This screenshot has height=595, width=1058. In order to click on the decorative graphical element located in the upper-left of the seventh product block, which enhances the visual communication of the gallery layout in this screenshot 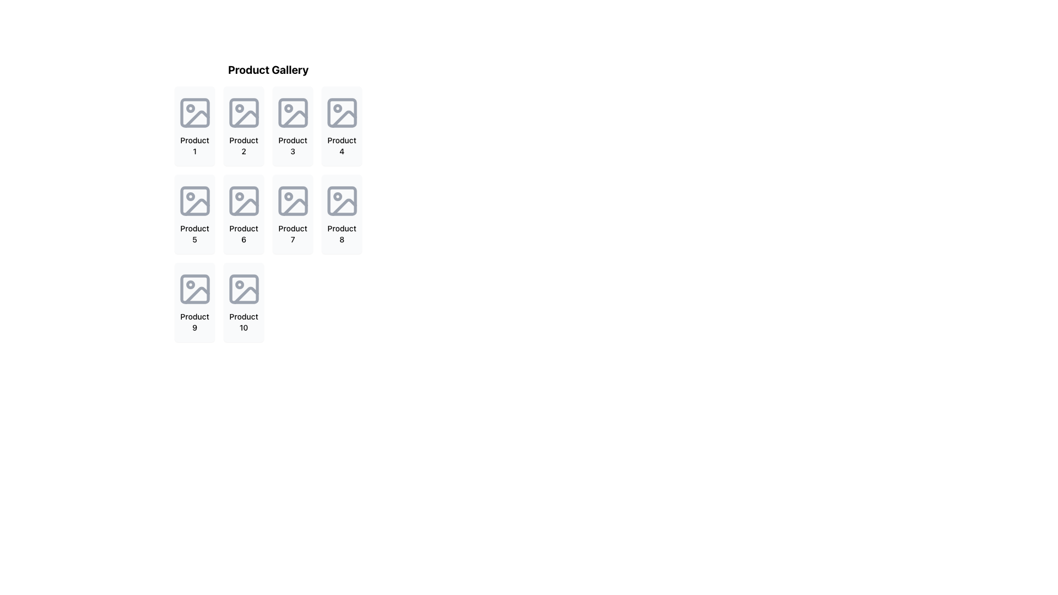, I will do `click(293, 201)`.